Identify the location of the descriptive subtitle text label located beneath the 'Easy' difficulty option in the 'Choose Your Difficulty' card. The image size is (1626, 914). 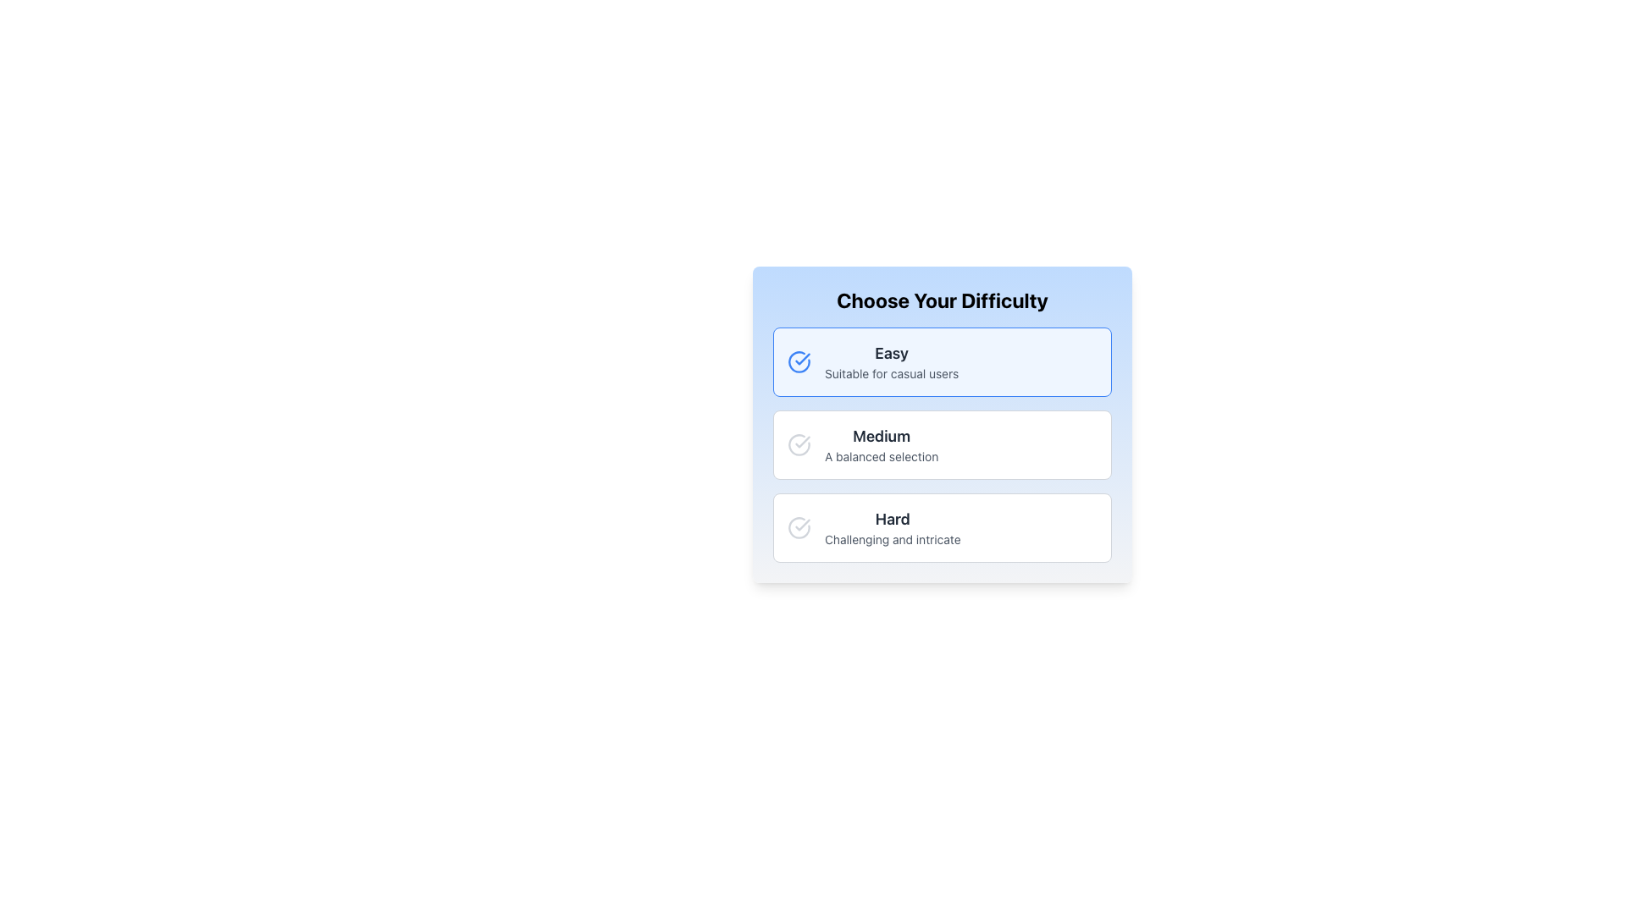
(891, 373).